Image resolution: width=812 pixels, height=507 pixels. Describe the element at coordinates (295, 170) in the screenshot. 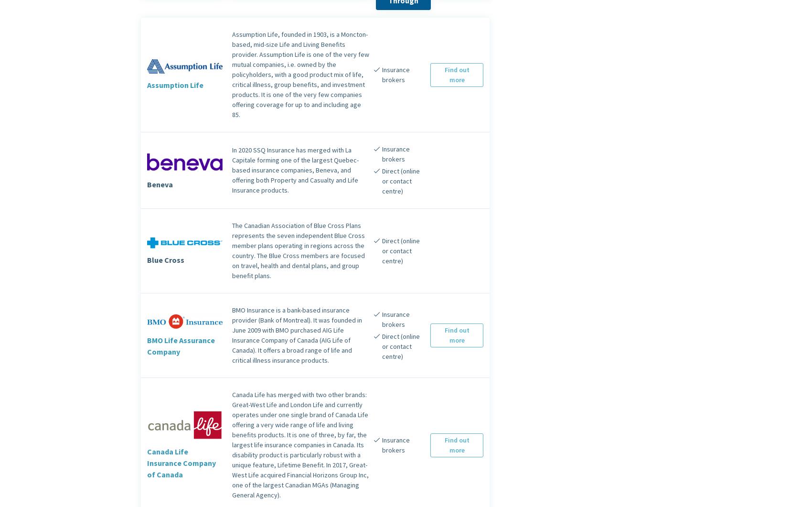

I see `'In 2020 SSQ Insurance has merged with La Capitale forming one of the largest Quebec-based insurance companies, Beneva, and offering both Property and Casualty and Life Insurance products.'` at that location.